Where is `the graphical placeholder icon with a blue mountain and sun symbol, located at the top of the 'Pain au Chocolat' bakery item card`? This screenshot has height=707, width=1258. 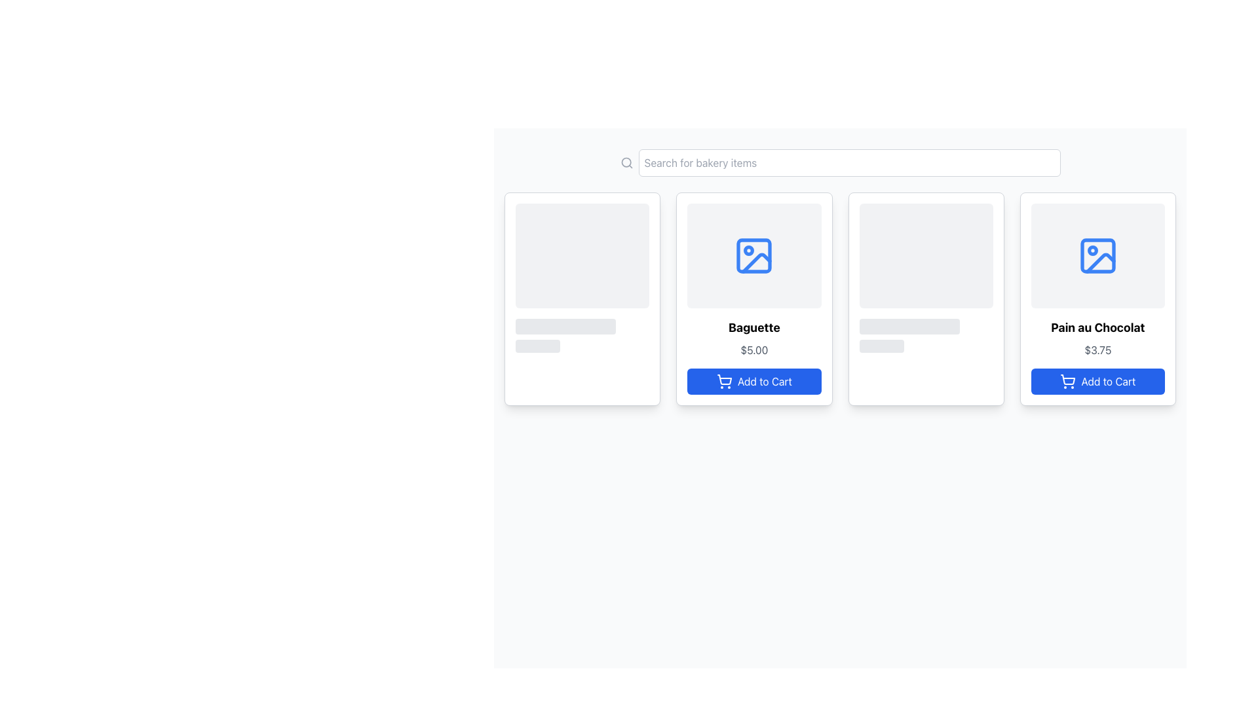 the graphical placeholder icon with a blue mountain and sun symbol, located at the top of the 'Pain au Chocolat' bakery item card is located at coordinates (1097, 255).